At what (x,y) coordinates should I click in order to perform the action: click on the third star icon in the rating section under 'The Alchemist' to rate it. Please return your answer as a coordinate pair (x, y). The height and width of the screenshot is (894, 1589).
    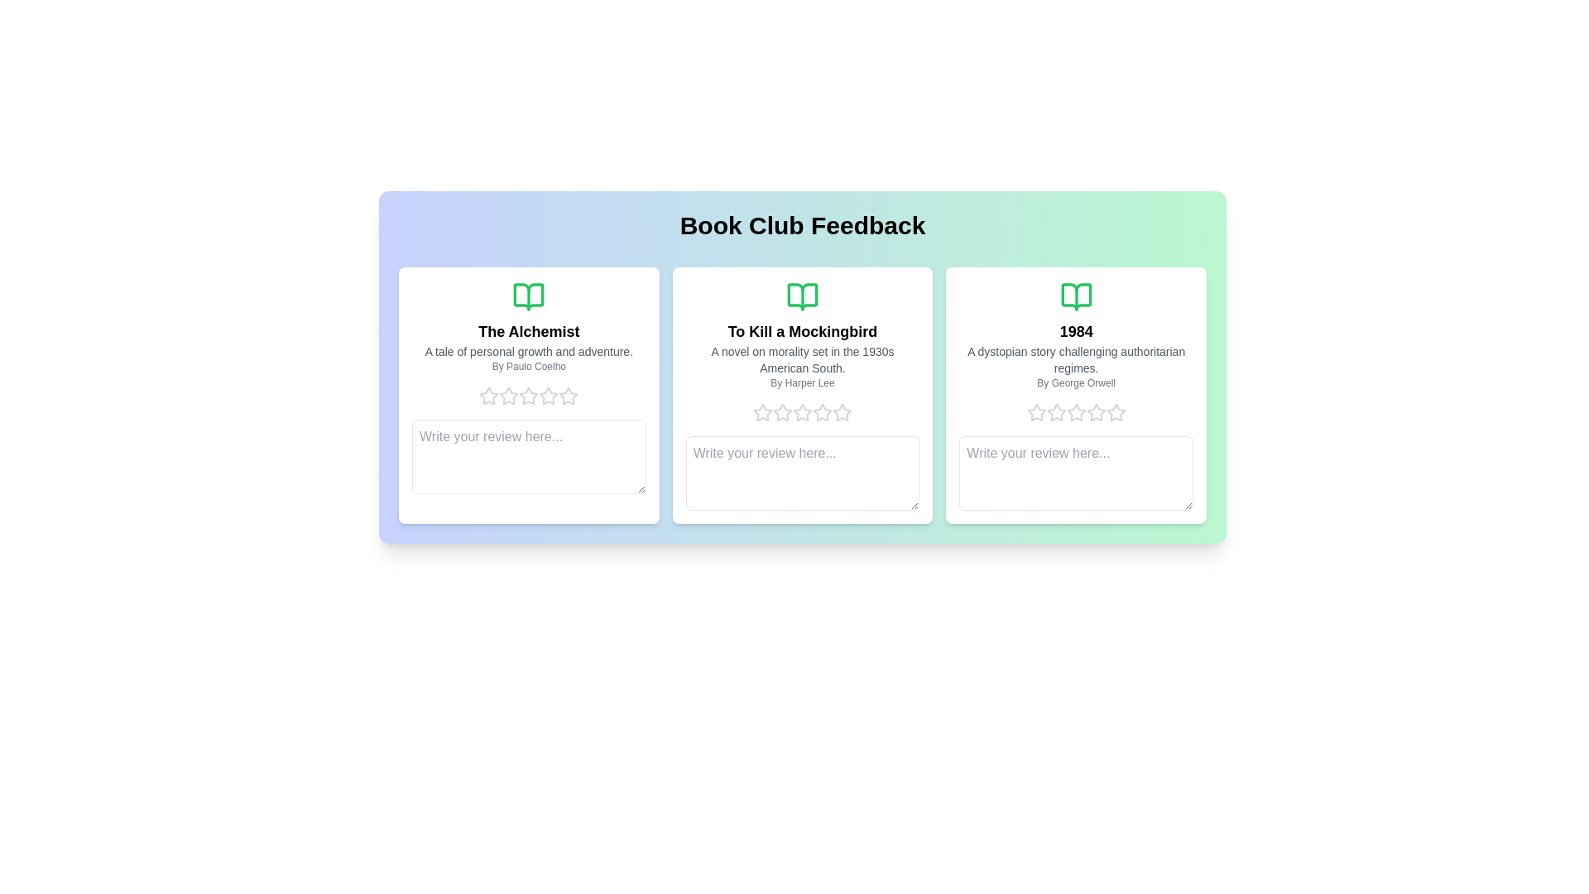
    Looking at the image, I should click on (508, 396).